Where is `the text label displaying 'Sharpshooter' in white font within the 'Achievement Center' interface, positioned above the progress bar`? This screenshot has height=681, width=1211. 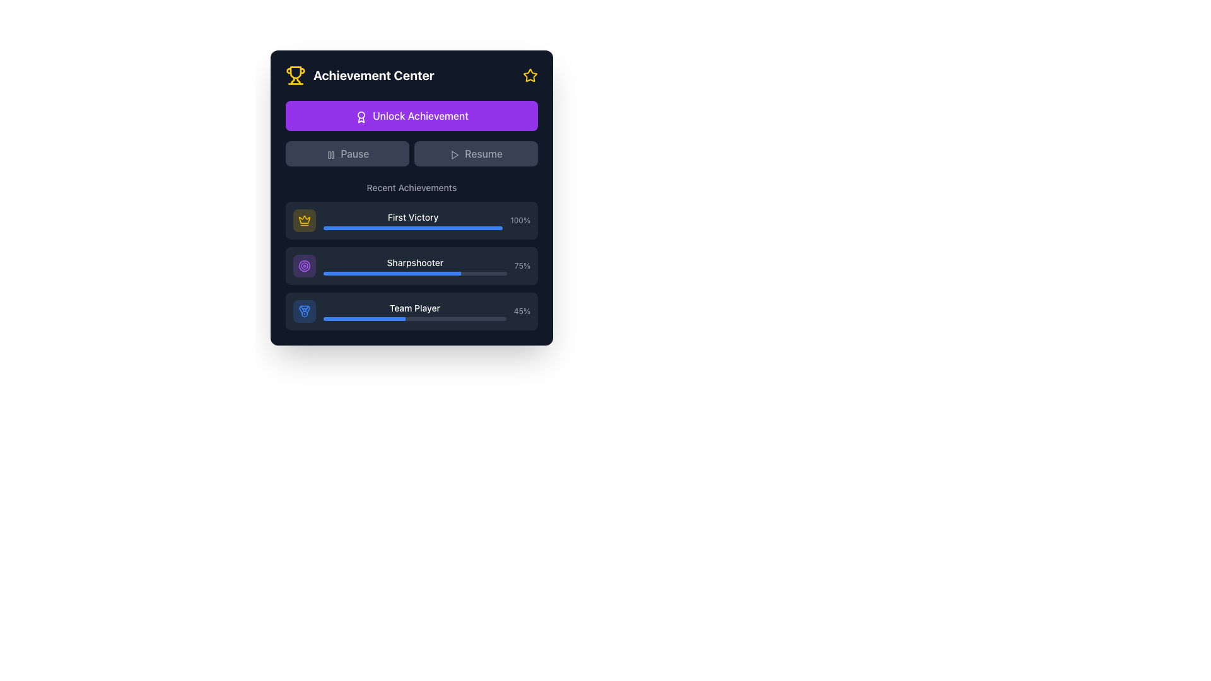 the text label displaying 'Sharpshooter' in white font within the 'Achievement Center' interface, positioned above the progress bar is located at coordinates (415, 262).